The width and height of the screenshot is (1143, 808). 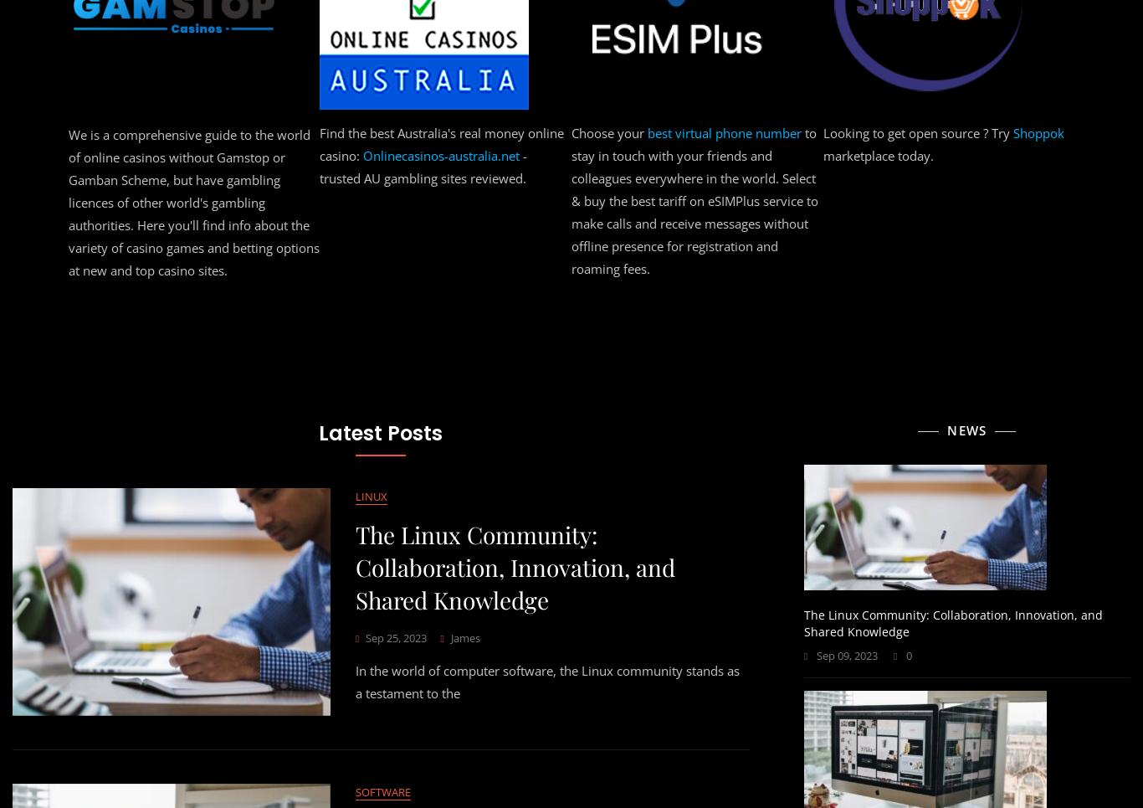 I want to click on 'Looking to get open source ? Try', so click(x=714, y=126).